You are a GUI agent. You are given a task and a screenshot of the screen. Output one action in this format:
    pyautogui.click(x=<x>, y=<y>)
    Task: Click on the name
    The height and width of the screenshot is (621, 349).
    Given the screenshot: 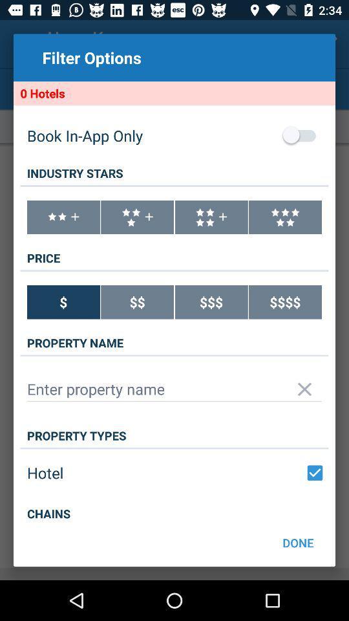 What is the action you would take?
    pyautogui.click(x=174, y=388)
    